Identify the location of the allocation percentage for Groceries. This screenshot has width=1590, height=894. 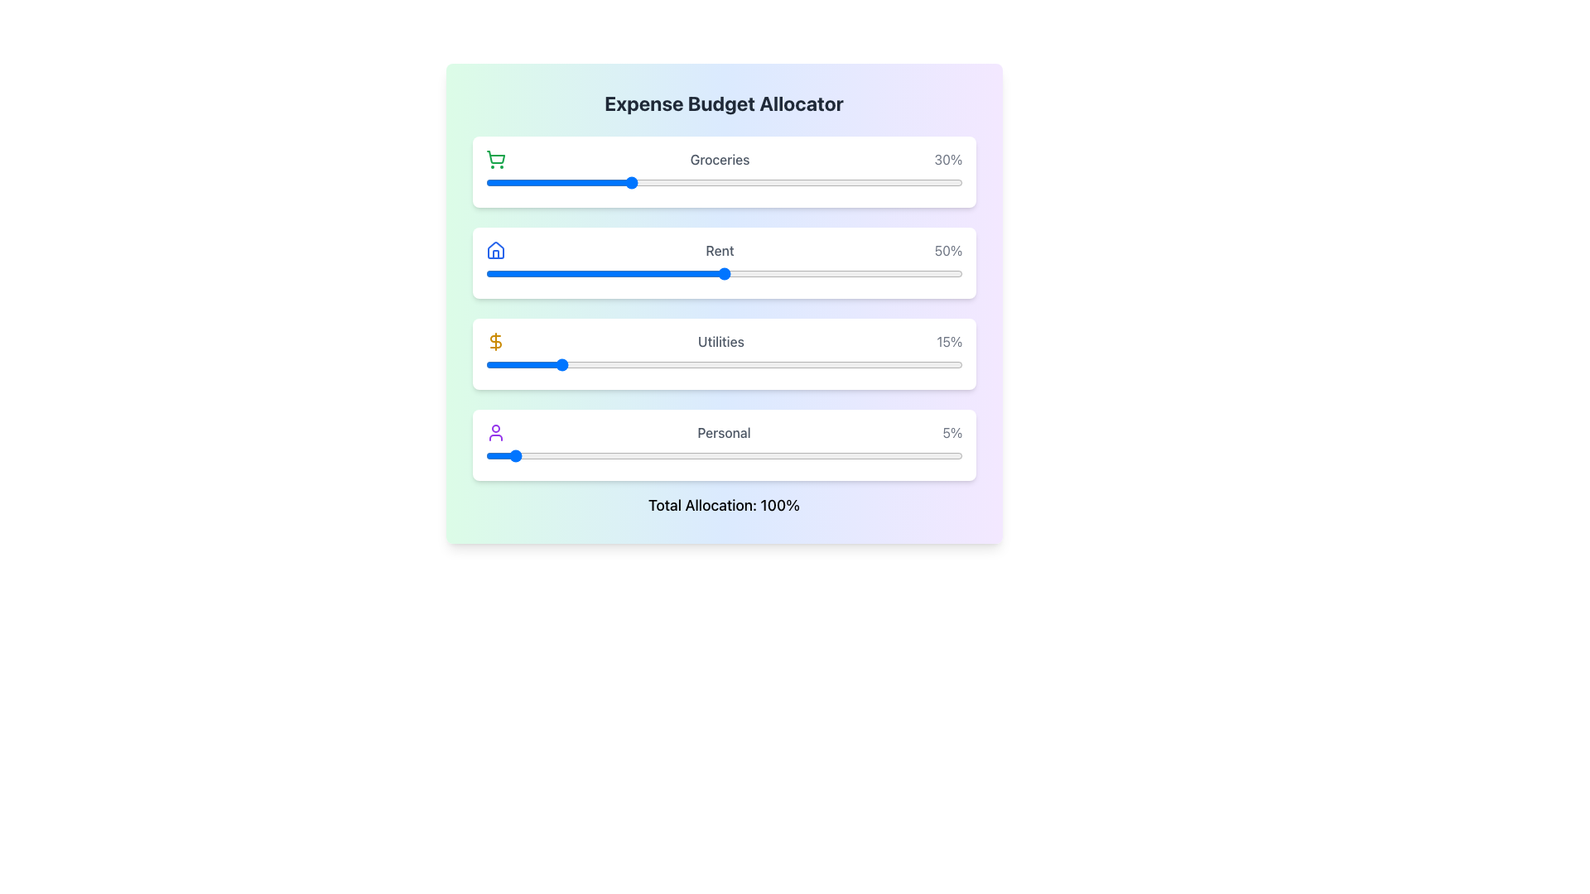
(780, 182).